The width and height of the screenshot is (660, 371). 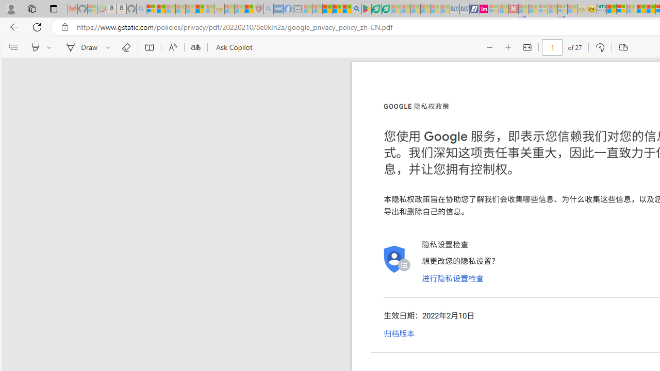 What do you see at coordinates (13, 47) in the screenshot?
I see `'Contents'` at bounding box center [13, 47].